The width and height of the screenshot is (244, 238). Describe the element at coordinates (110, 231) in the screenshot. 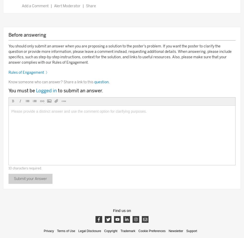

I see `'Copyright'` at that location.